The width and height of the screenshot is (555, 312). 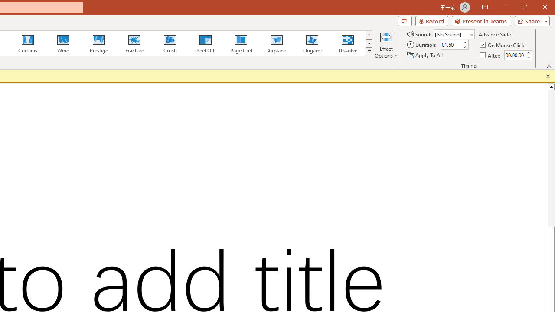 I want to click on 'Duration', so click(x=451, y=45).